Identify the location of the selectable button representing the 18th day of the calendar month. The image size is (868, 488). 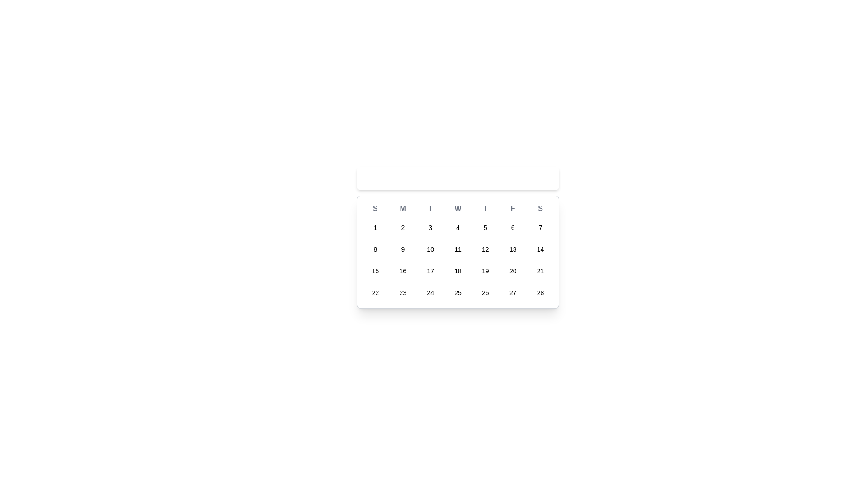
(458, 271).